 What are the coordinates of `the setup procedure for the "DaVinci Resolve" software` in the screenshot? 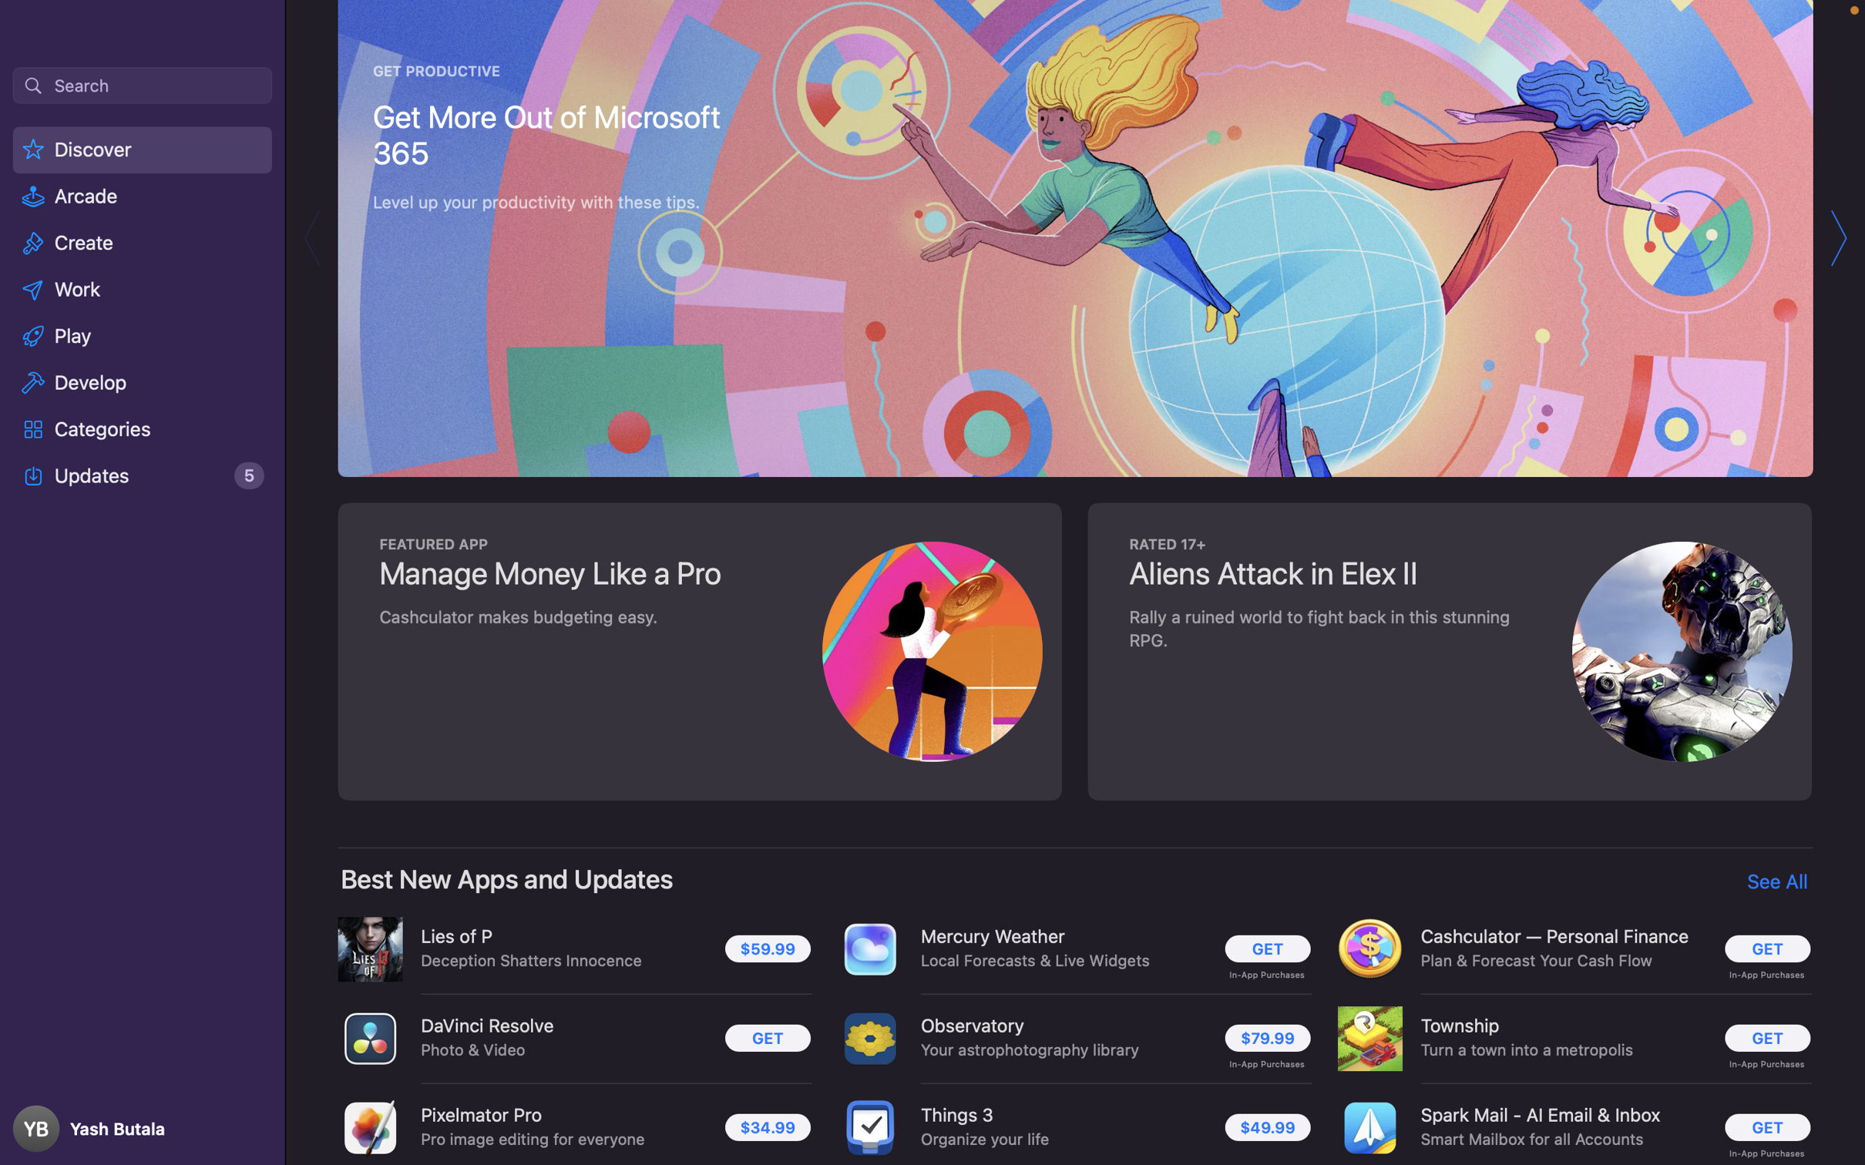 It's located at (764, 1038).